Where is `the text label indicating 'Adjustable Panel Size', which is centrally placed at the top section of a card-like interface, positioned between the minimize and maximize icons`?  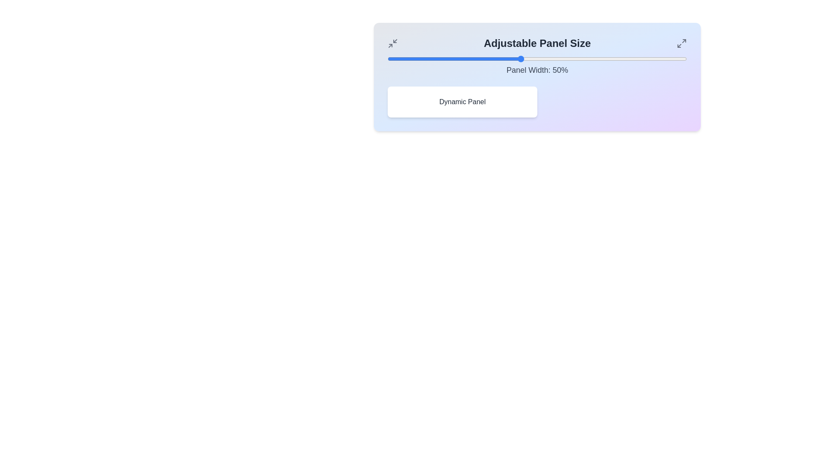
the text label indicating 'Adjustable Panel Size', which is centrally placed at the top section of a card-like interface, positioned between the minimize and maximize icons is located at coordinates (537, 43).